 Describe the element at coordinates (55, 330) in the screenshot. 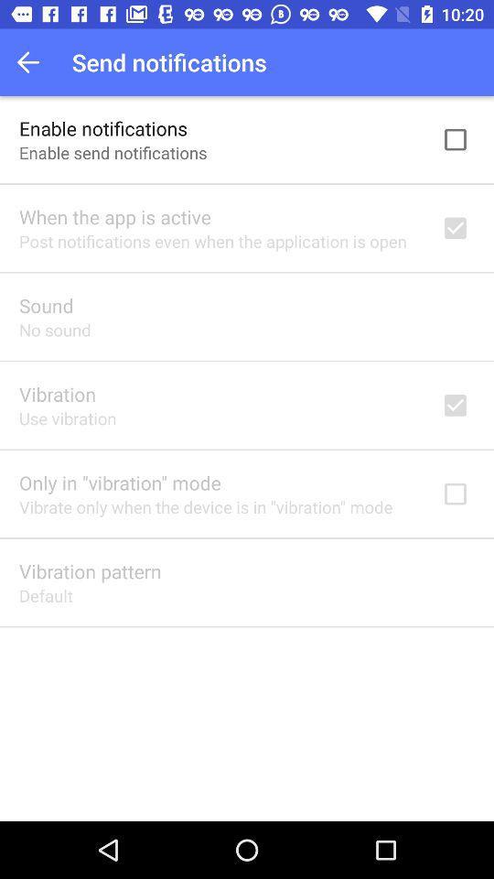

I see `the no sound` at that location.